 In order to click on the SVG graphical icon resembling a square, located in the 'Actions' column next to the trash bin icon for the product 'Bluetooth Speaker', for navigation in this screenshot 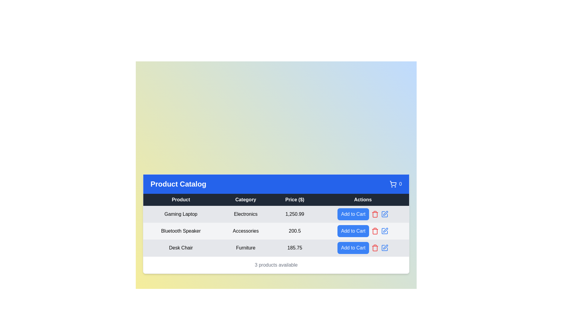, I will do `click(384, 231)`.